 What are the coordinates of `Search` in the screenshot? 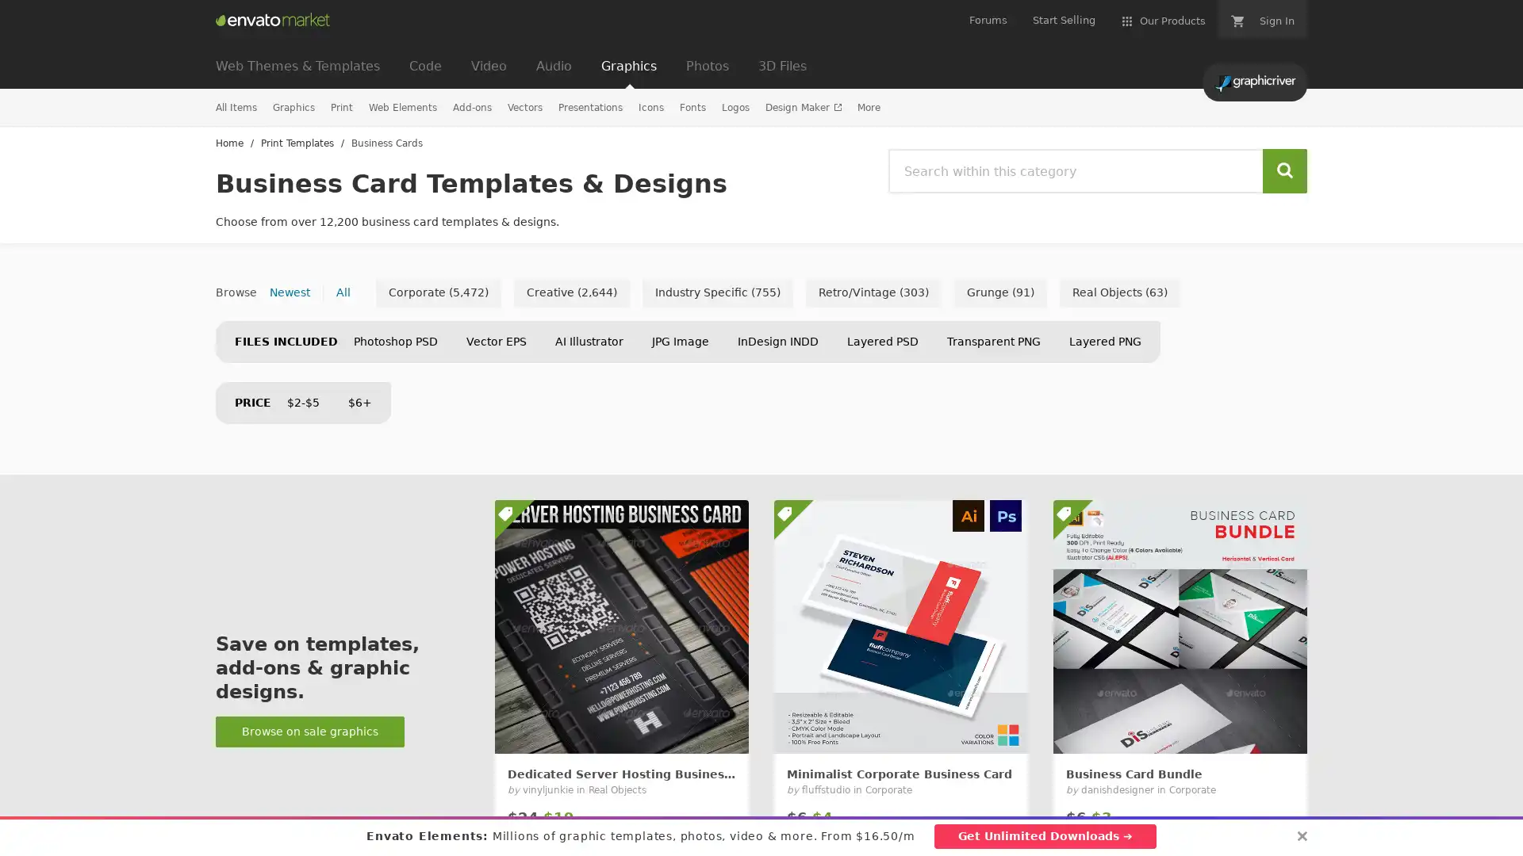 It's located at (1285, 171).